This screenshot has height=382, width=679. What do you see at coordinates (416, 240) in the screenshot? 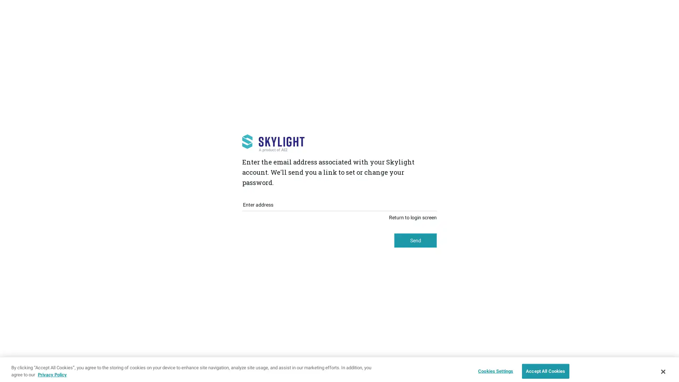
I see `Send` at bounding box center [416, 240].